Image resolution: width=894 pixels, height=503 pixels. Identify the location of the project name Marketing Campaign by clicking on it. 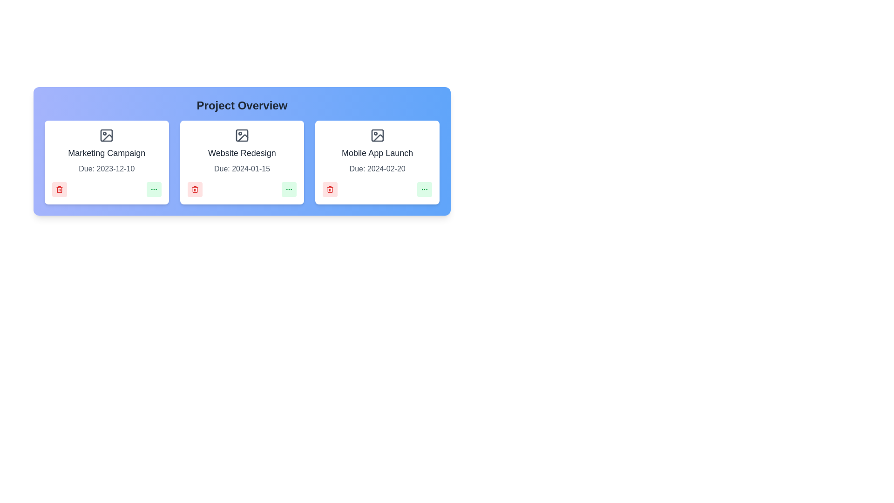
(107, 152).